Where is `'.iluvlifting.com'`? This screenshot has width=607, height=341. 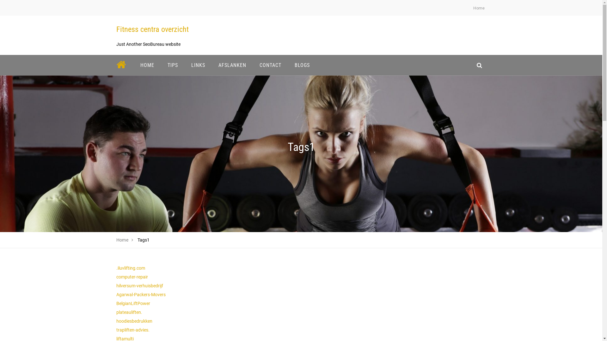
'.iluvlifting.com' is located at coordinates (130, 268).